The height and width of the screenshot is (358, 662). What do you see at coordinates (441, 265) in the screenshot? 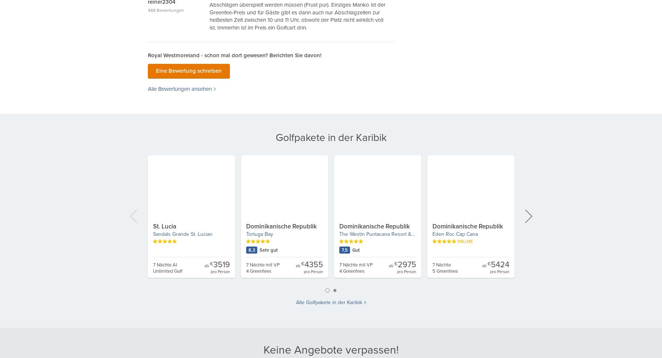
I see `'7 Nächte'` at bounding box center [441, 265].